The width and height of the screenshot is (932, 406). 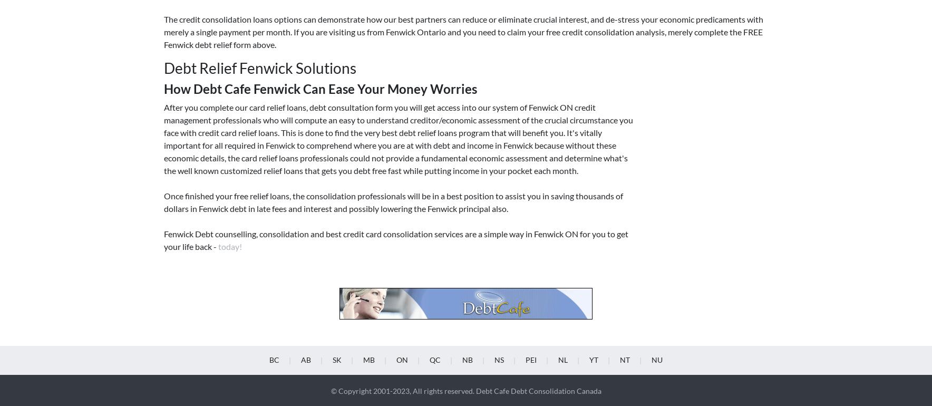 What do you see at coordinates (434, 180) in the screenshot?
I see `'Montreal'` at bounding box center [434, 180].